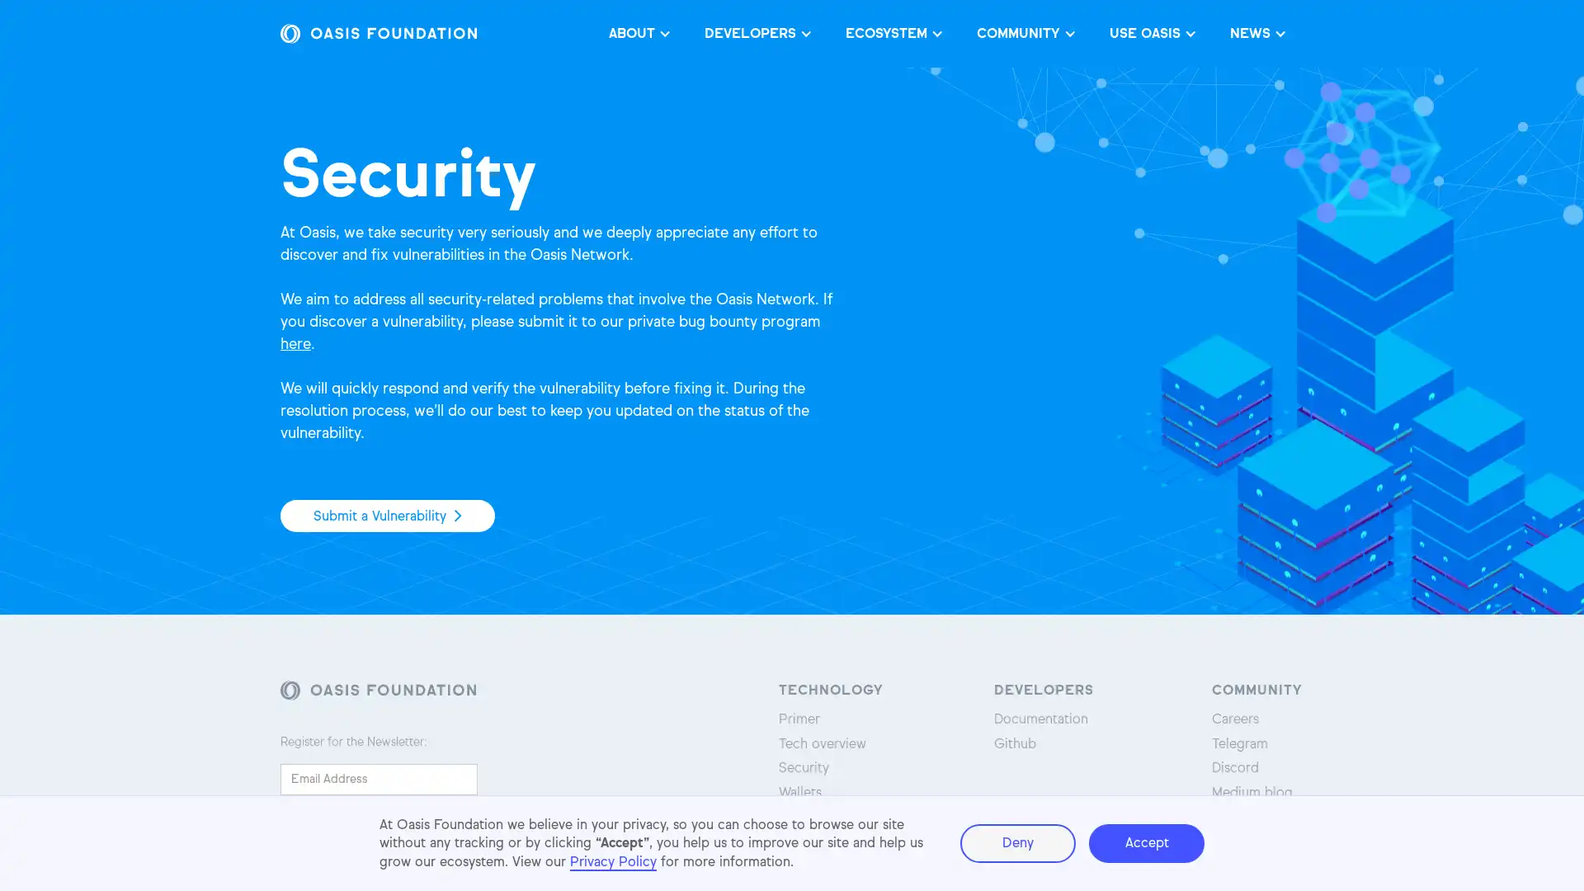  Describe the element at coordinates (1146, 843) in the screenshot. I see `Accept` at that location.